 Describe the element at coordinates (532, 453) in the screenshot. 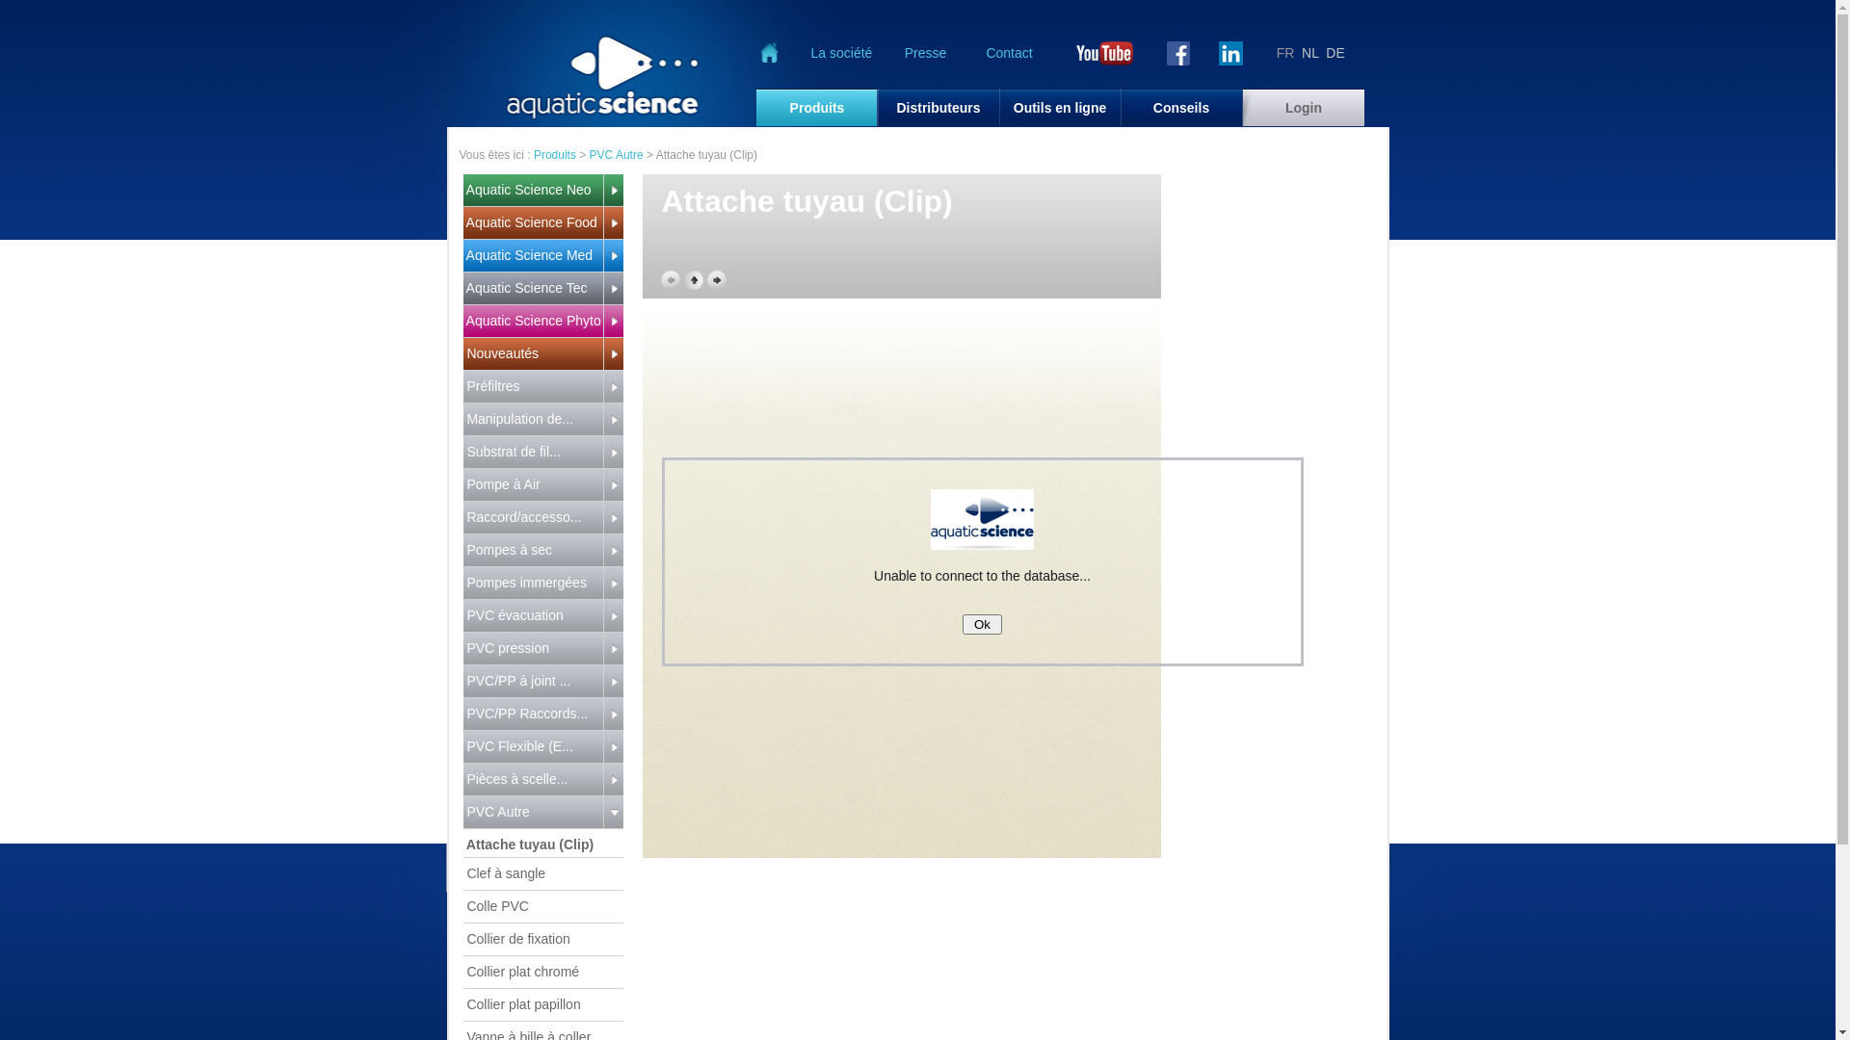

I see `' Substrat de fil...'` at that location.